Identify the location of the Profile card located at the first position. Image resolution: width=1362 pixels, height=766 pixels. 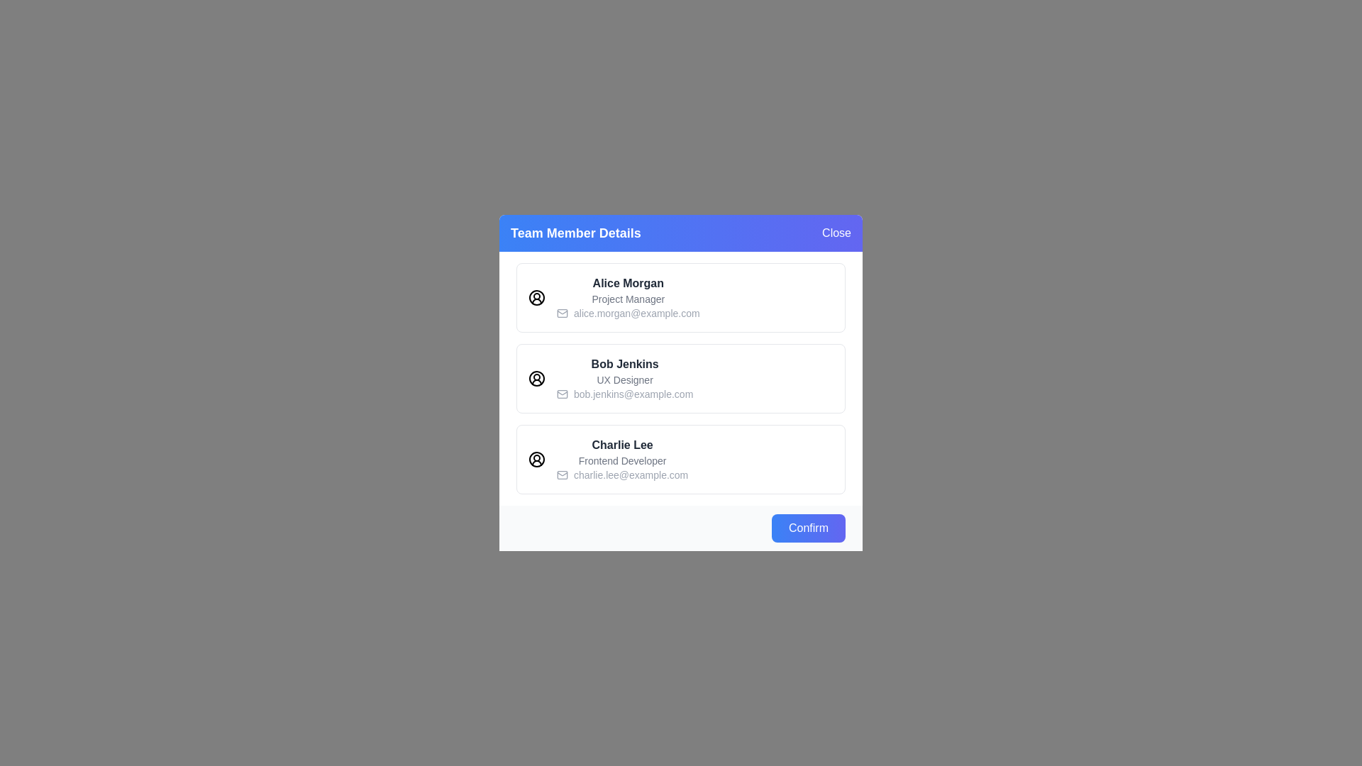
(681, 297).